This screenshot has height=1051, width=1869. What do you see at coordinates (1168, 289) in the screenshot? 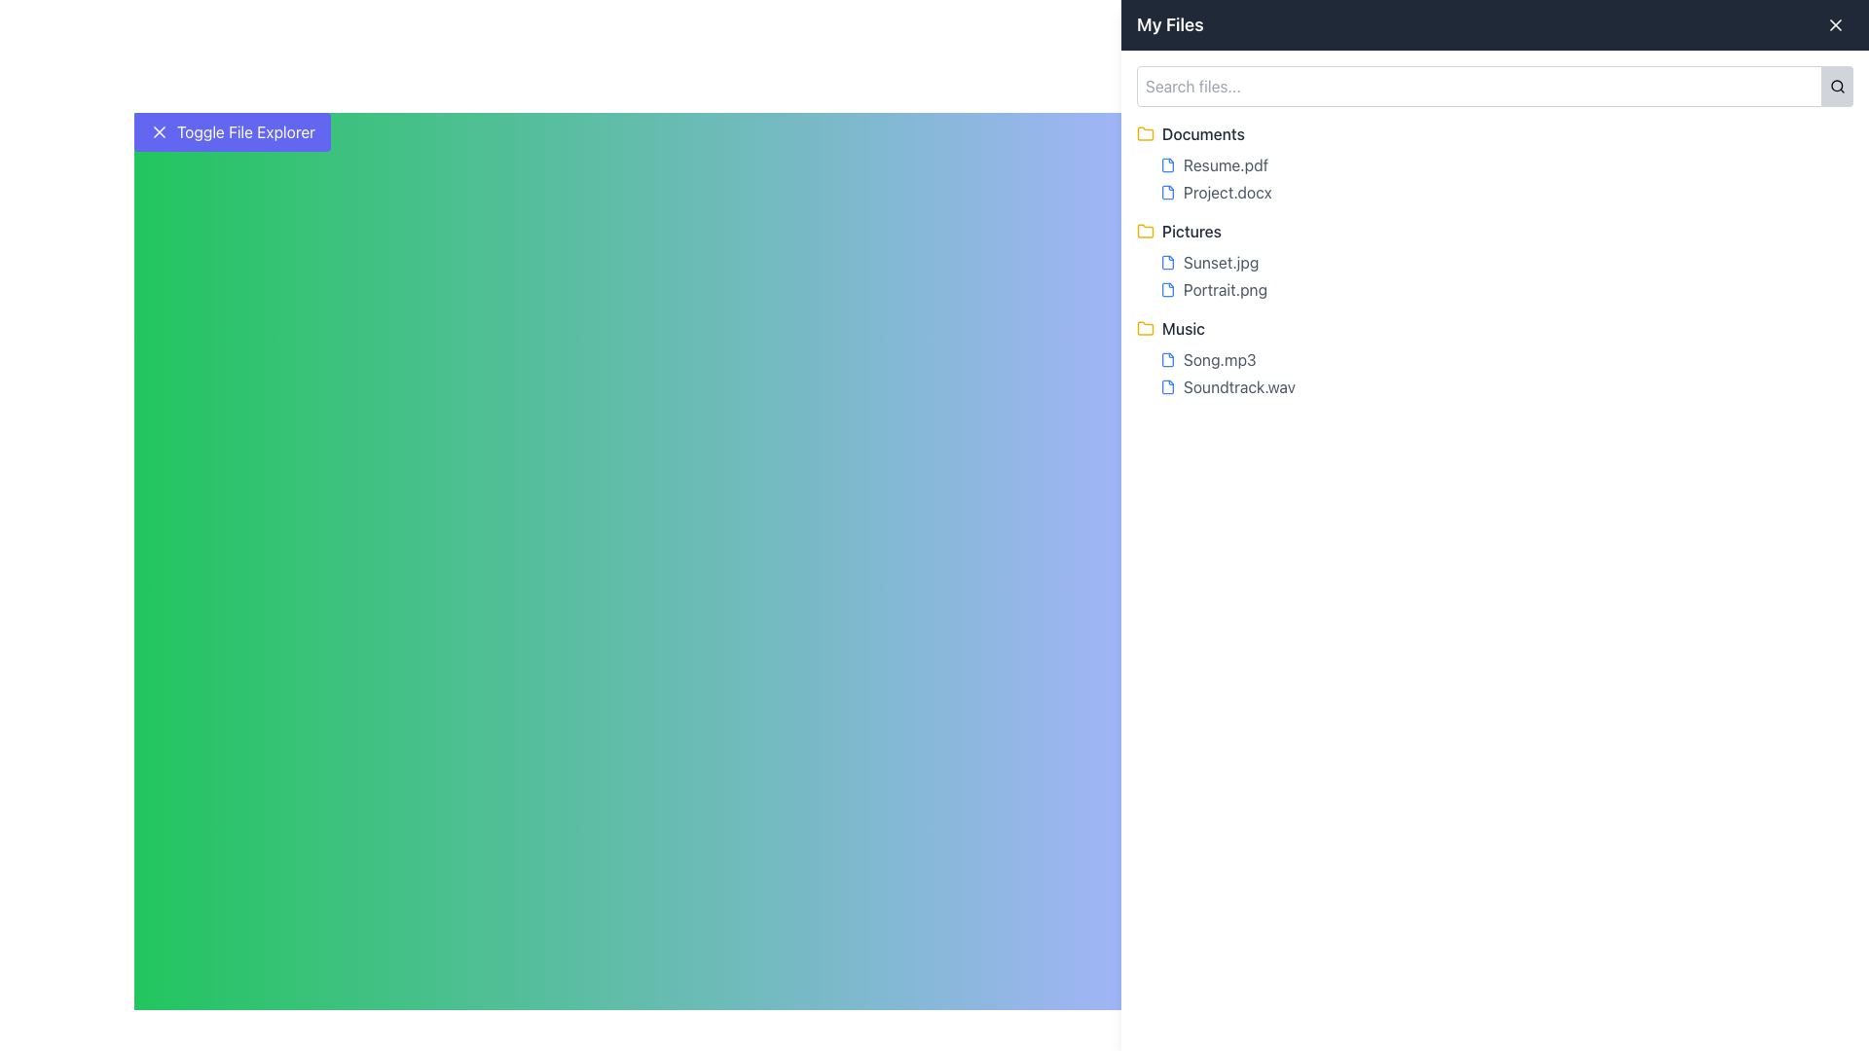
I see `the file document icon with a blue outline located next to the label 'Portrait.png' in the 'Pictures' section of the file explorer` at bounding box center [1168, 289].